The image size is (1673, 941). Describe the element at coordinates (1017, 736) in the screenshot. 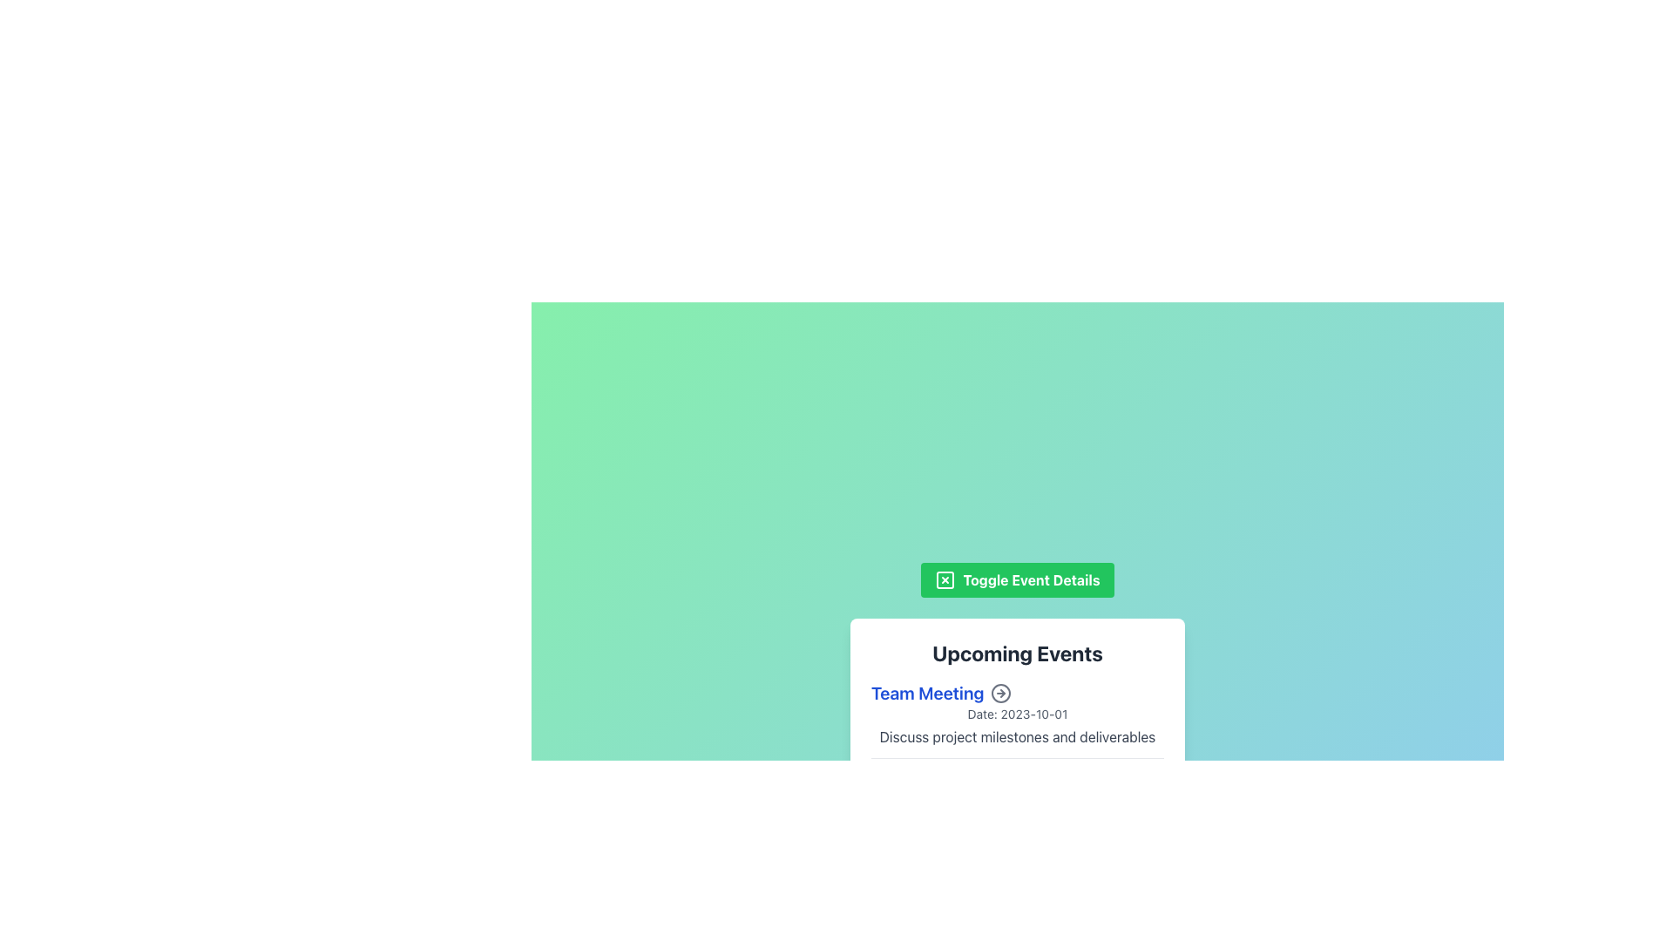

I see `text label that provides a summary or key point related to the event, positioned after 'Date: 2023-10-01'` at that location.